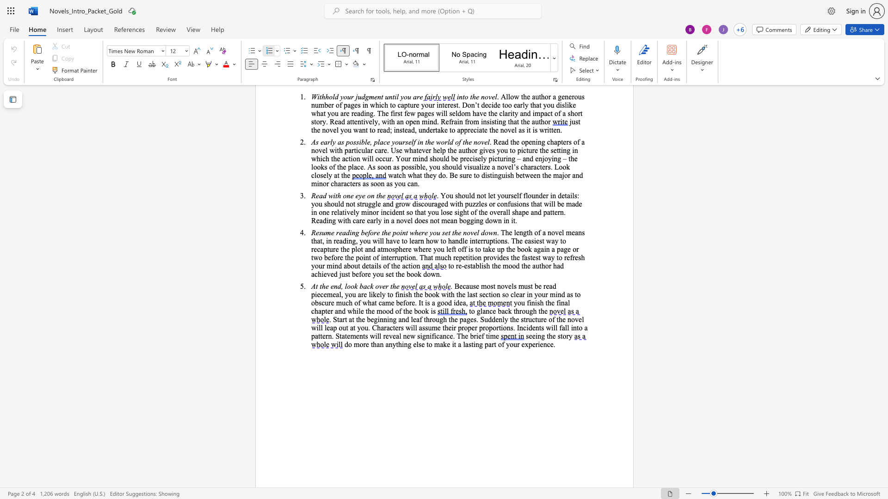 The height and width of the screenshot is (499, 888). Describe the element at coordinates (483, 266) in the screenshot. I see `the space between the continuous character "i" and "s" in the text` at that location.